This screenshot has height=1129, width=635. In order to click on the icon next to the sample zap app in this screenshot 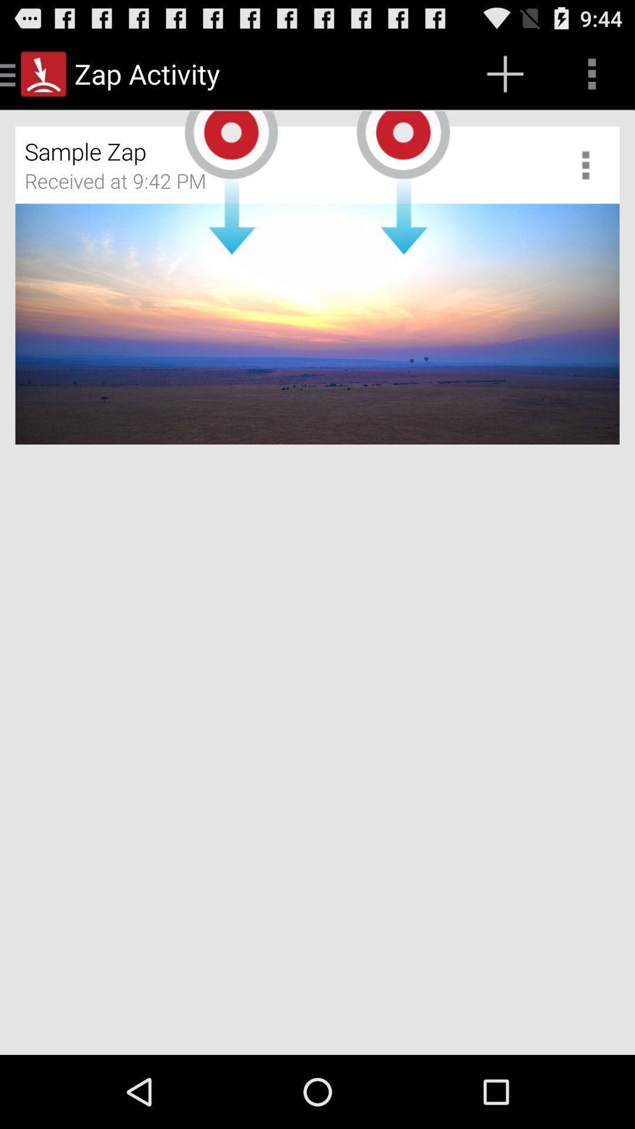, I will do `click(590, 164)`.